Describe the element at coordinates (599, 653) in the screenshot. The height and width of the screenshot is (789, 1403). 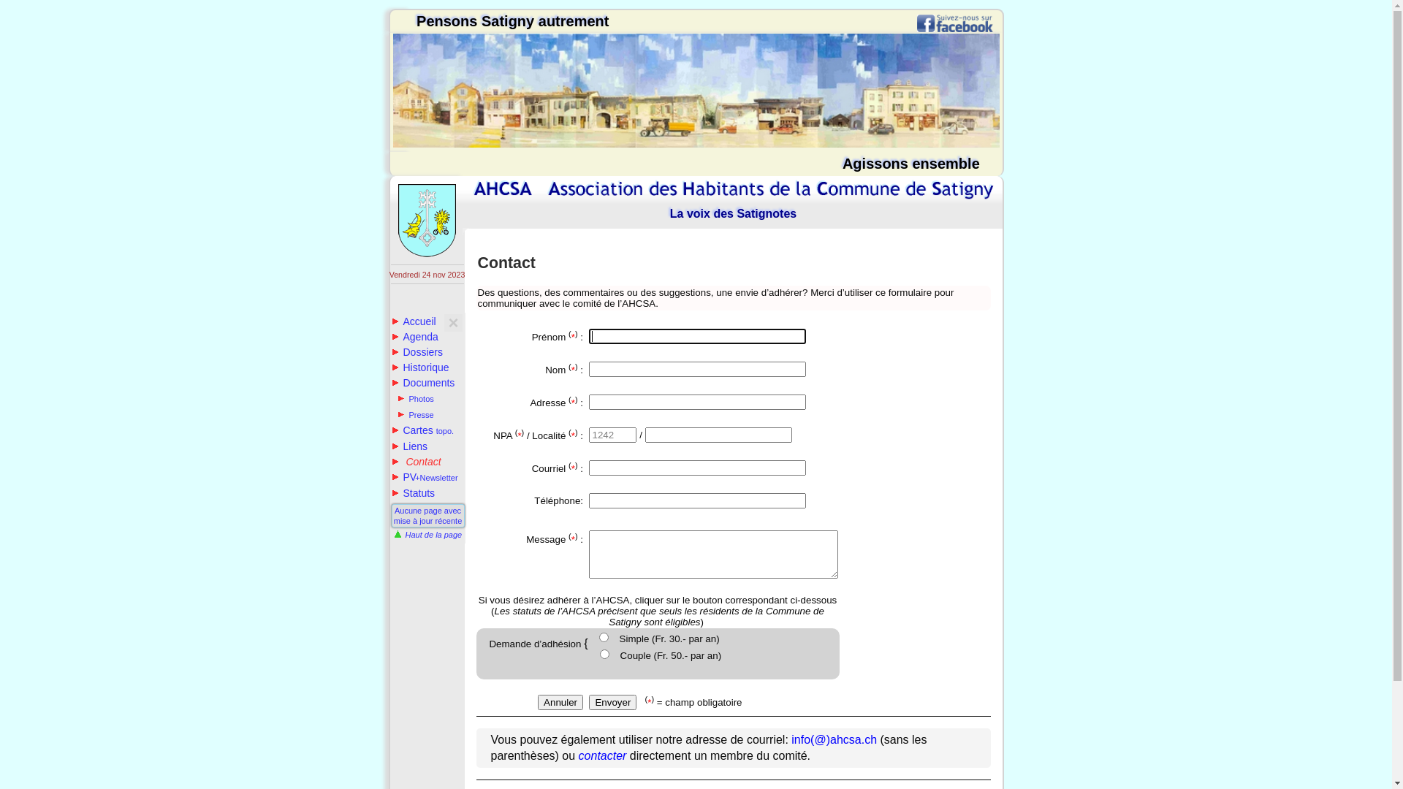
I see `'Couple'` at that location.